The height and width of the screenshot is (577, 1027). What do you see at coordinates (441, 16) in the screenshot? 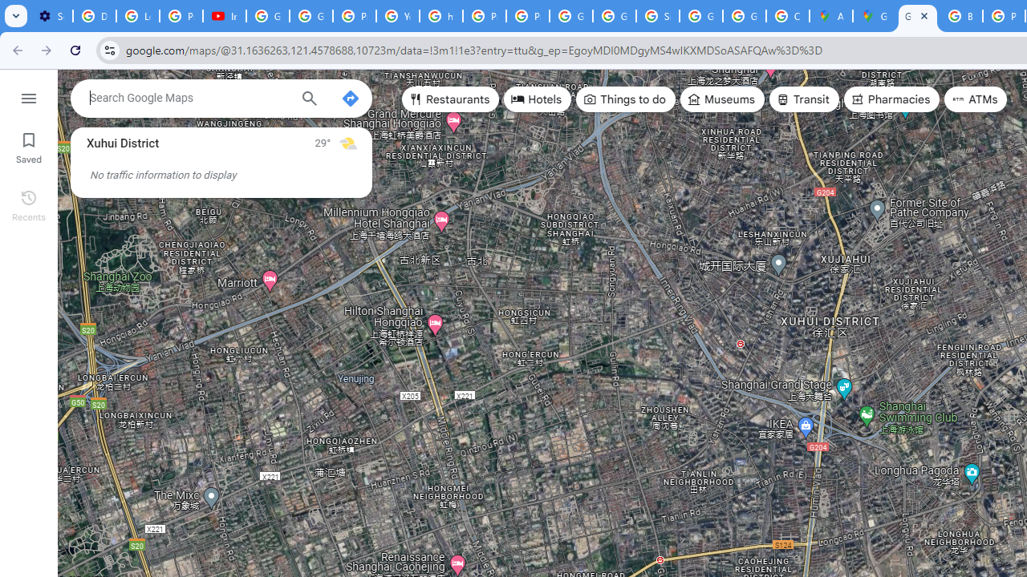
I see `'https://scholar.google.com/'` at bounding box center [441, 16].